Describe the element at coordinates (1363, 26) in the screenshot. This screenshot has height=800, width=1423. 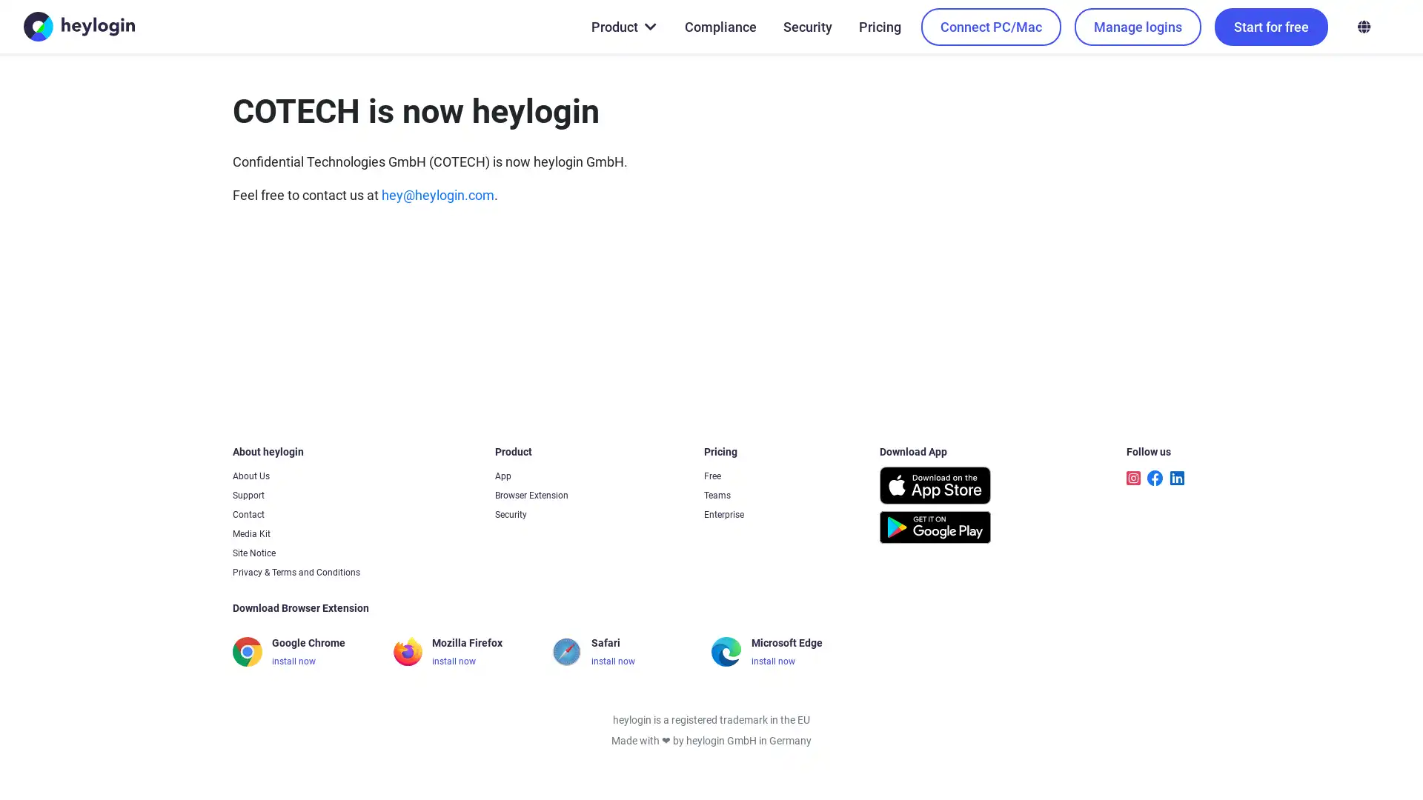
I see `Language Switcher` at that location.